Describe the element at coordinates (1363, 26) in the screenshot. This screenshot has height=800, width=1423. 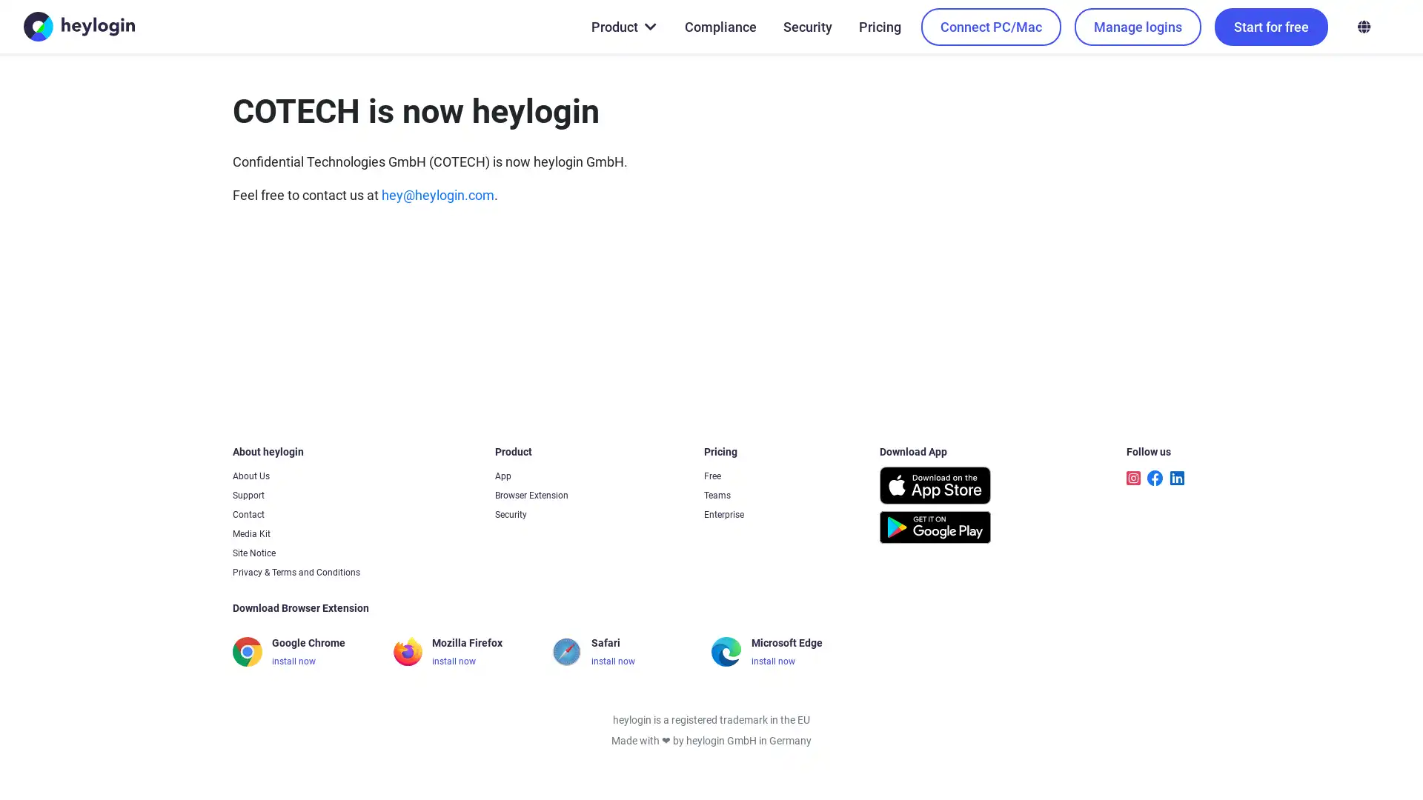
I see `Language Switcher` at that location.